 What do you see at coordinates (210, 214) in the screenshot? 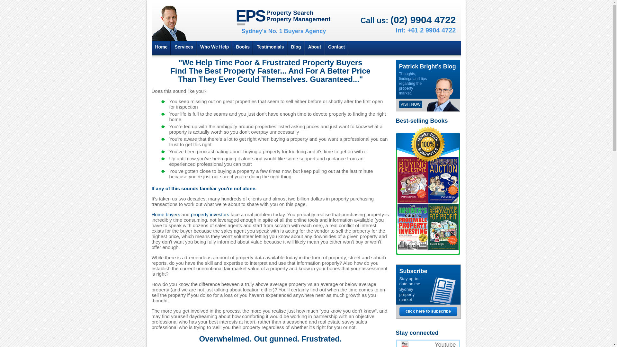
I see `'property investors'` at bounding box center [210, 214].